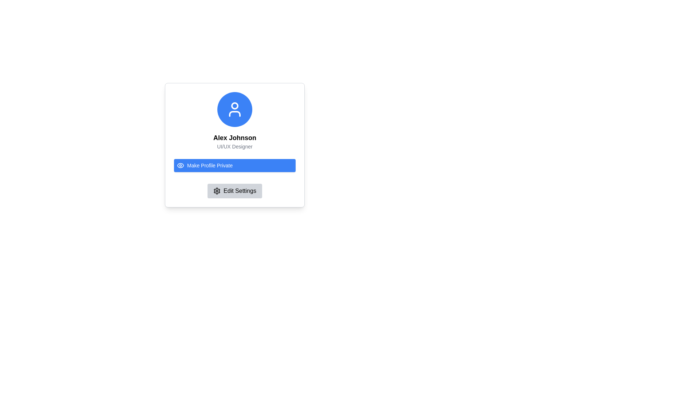 This screenshot has width=699, height=393. I want to click on the Profile Information Text displaying 'Alex Johnson' and 'UI/UX Designer', so click(234, 142).